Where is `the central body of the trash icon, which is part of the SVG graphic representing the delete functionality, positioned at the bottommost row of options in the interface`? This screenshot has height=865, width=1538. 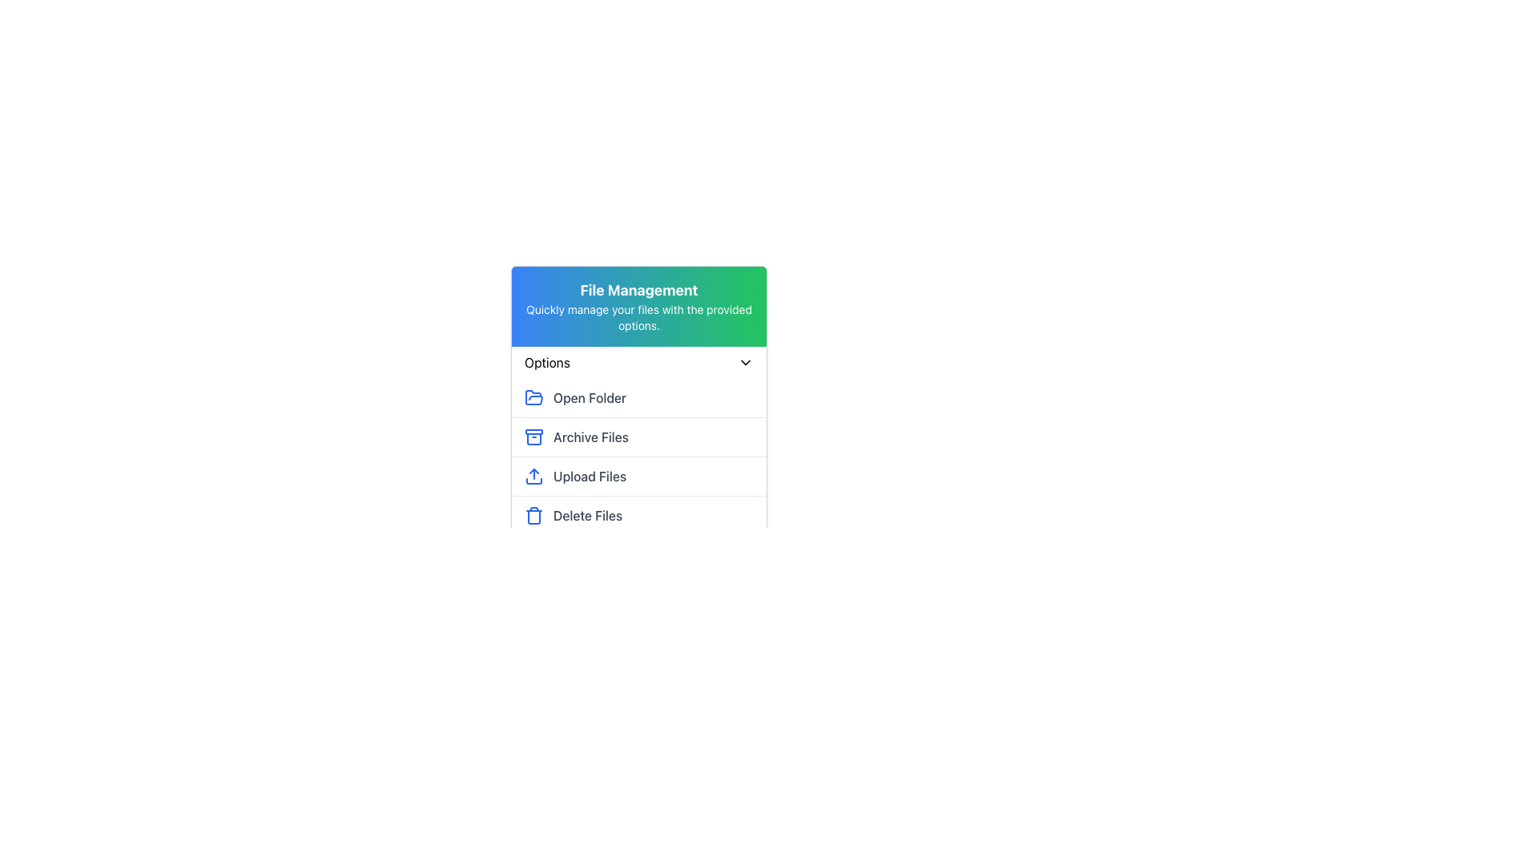
the central body of the trash icon, which is part of the SVG graphic representing the delete functionality, positioned at the bottommost row of options in the interface is located at coordinates (534, 517).